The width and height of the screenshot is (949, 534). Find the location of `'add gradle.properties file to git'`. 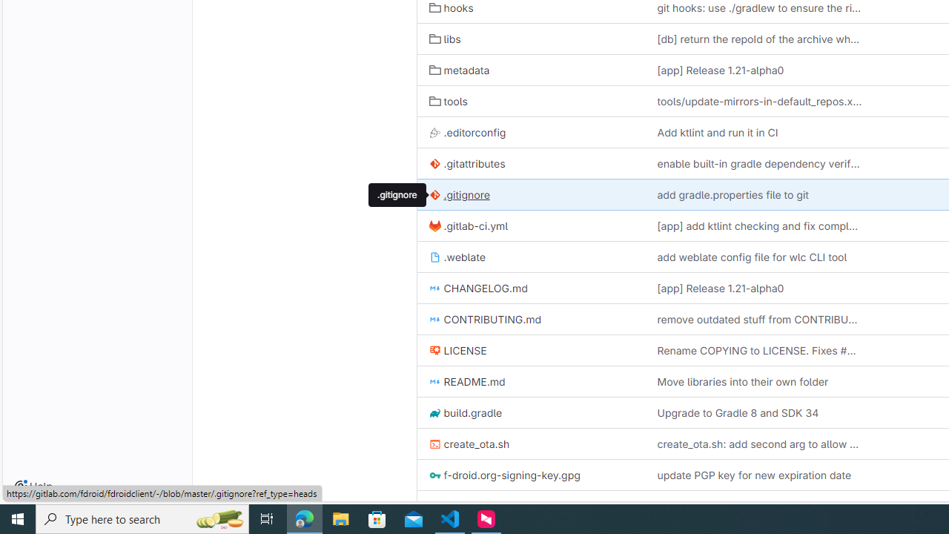

'add gradle.properties file to git' is located at coordinates (733, 194).